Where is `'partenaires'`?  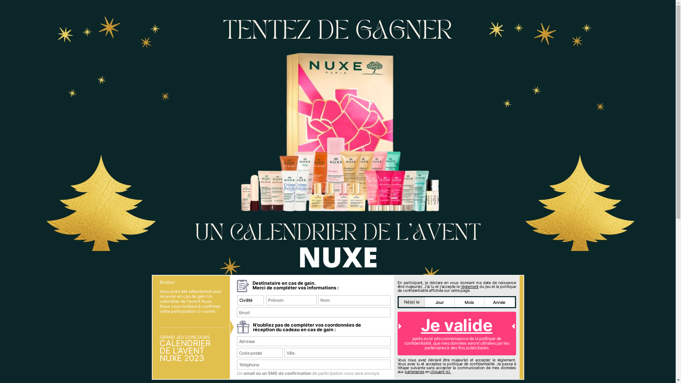
'partenaires' is located at coordinates (415, 371).